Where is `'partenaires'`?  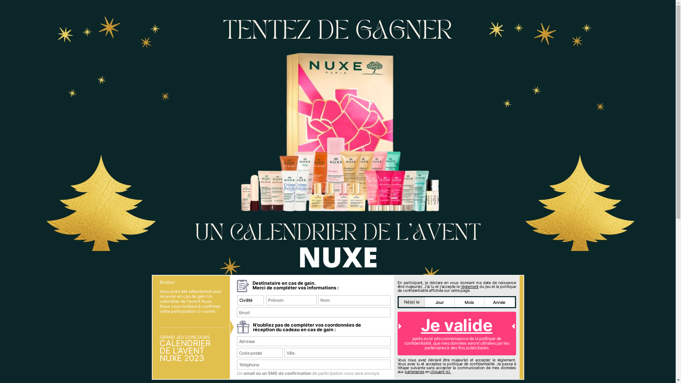
'partenaires' is located at coordinates (415, 371).